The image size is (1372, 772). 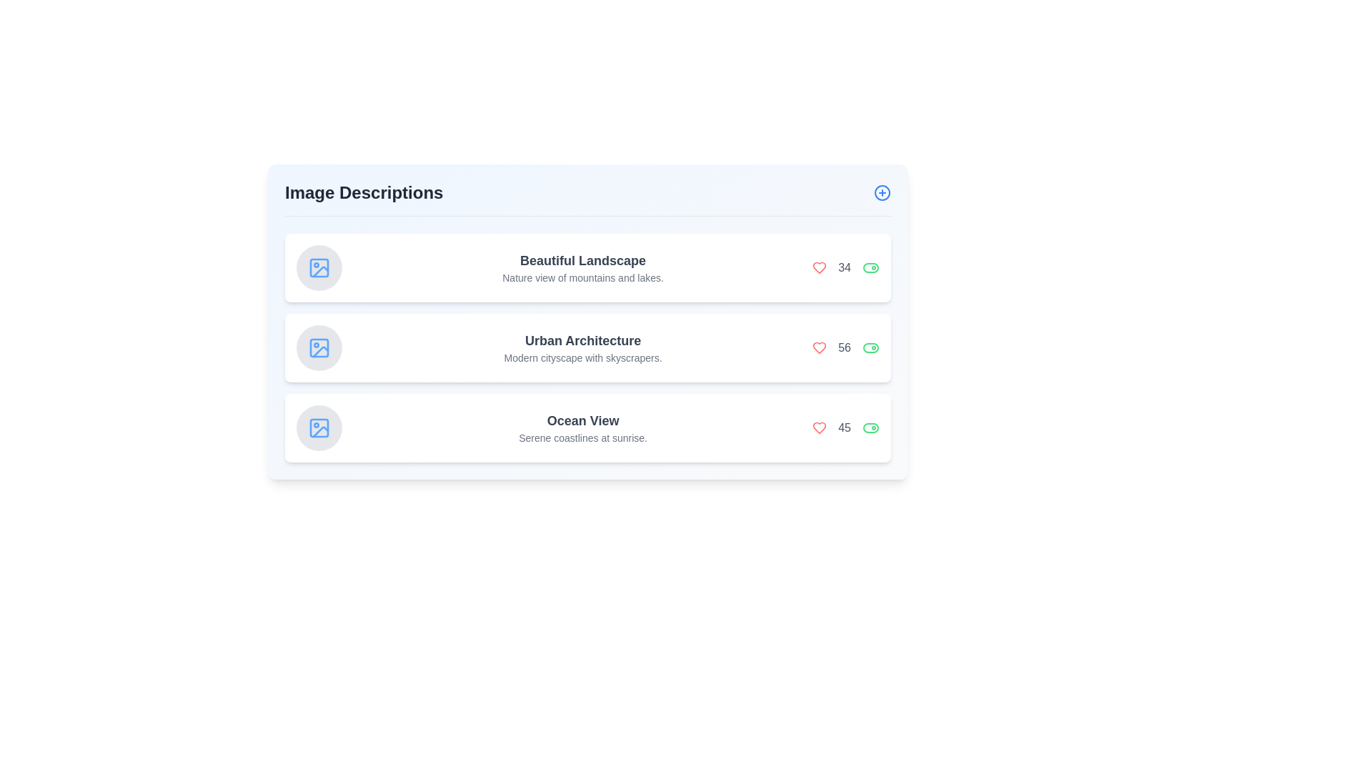 I want to click on toggle icon for the item labeled 'Beautiful Landscape' to toggle its state, so click(x=870, y=267).